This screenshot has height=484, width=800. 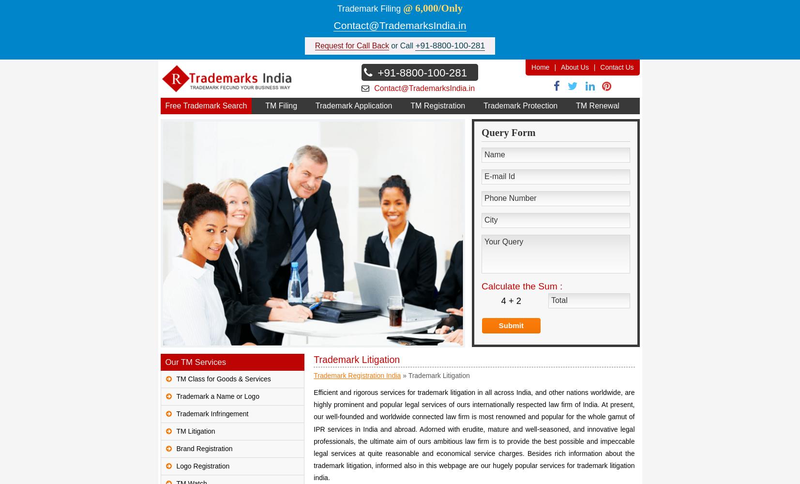 I want to click on 'TM Litigation', so click(x=175, y=431).